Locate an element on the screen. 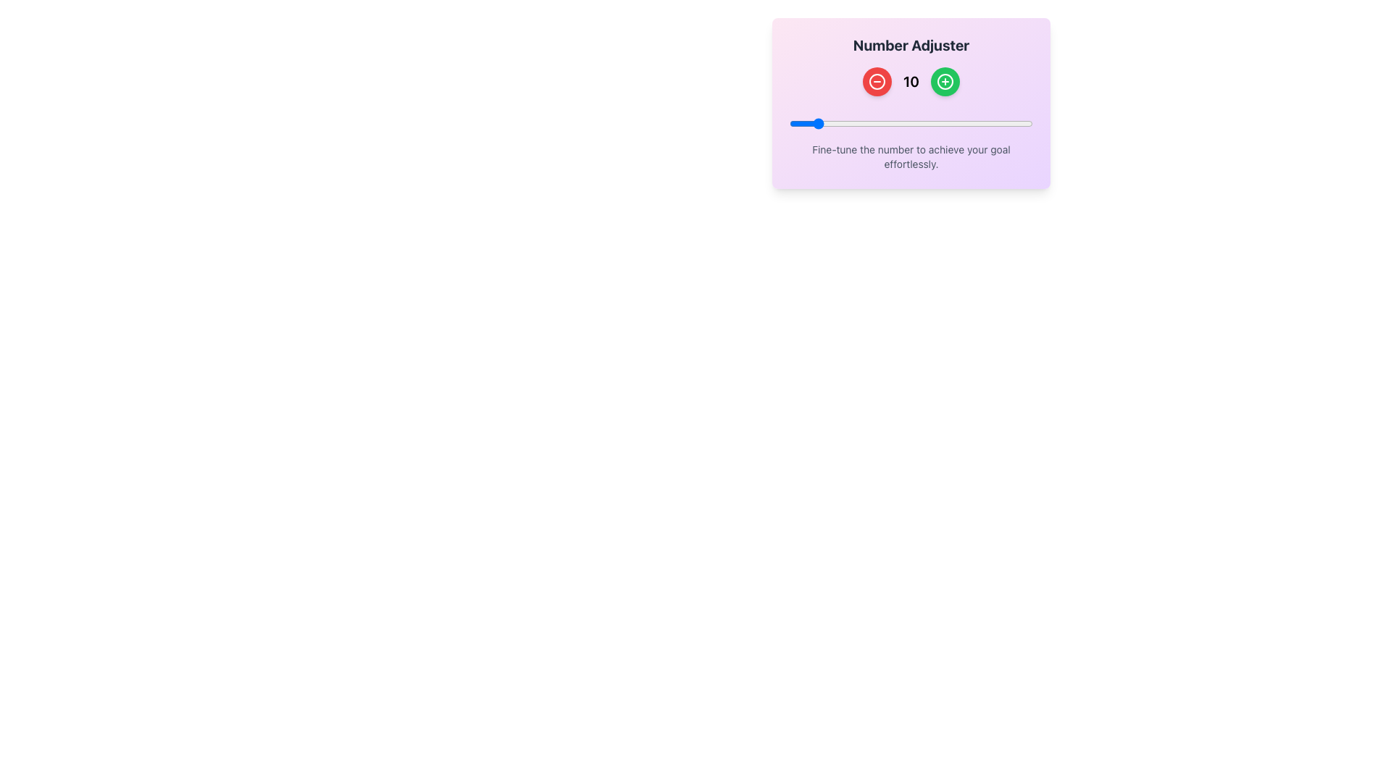 This screenshot has width=1391, height=782. the numeric text label displaying the value '10', which is centrally located between a red minus button and a green plus button is located at coordinates (910, 81).